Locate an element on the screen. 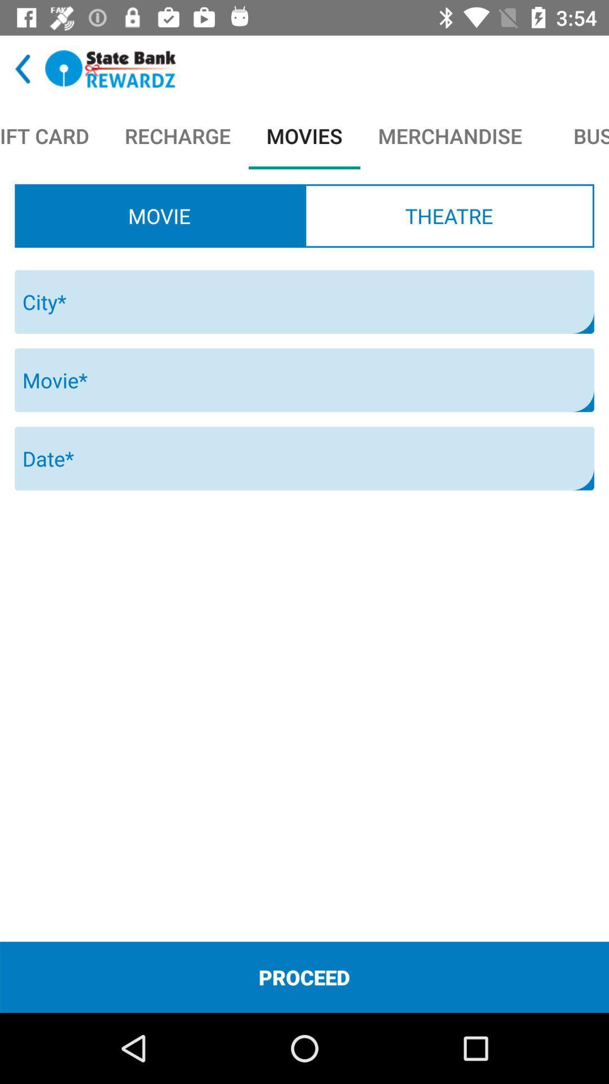 Image resolution: width=609 pixels, height=1084 pixels. the proceed item is located at coordinates (304, 977).